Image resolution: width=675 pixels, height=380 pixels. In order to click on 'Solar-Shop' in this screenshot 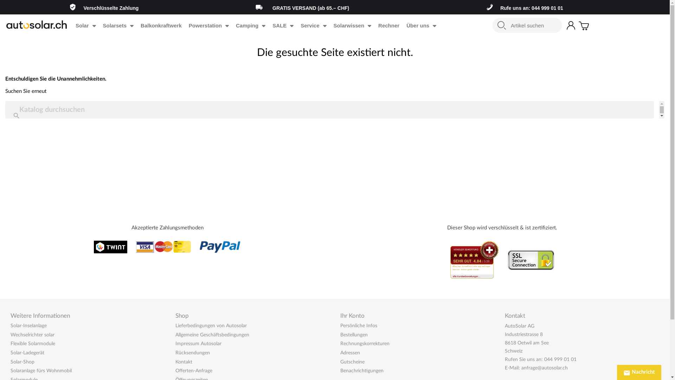, I will do `click(22, 362)`.